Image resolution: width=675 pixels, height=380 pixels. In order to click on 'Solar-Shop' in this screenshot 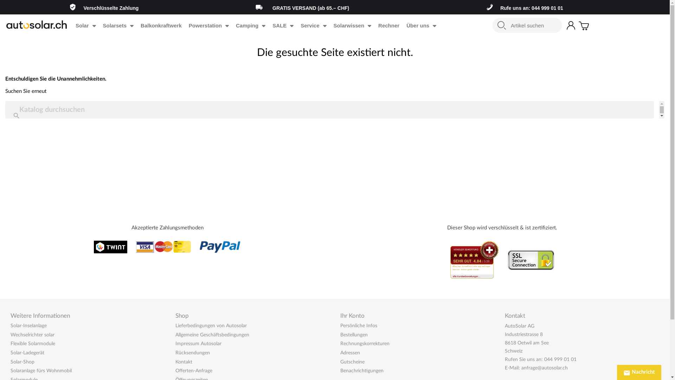, I will do `click(22, 362)`.